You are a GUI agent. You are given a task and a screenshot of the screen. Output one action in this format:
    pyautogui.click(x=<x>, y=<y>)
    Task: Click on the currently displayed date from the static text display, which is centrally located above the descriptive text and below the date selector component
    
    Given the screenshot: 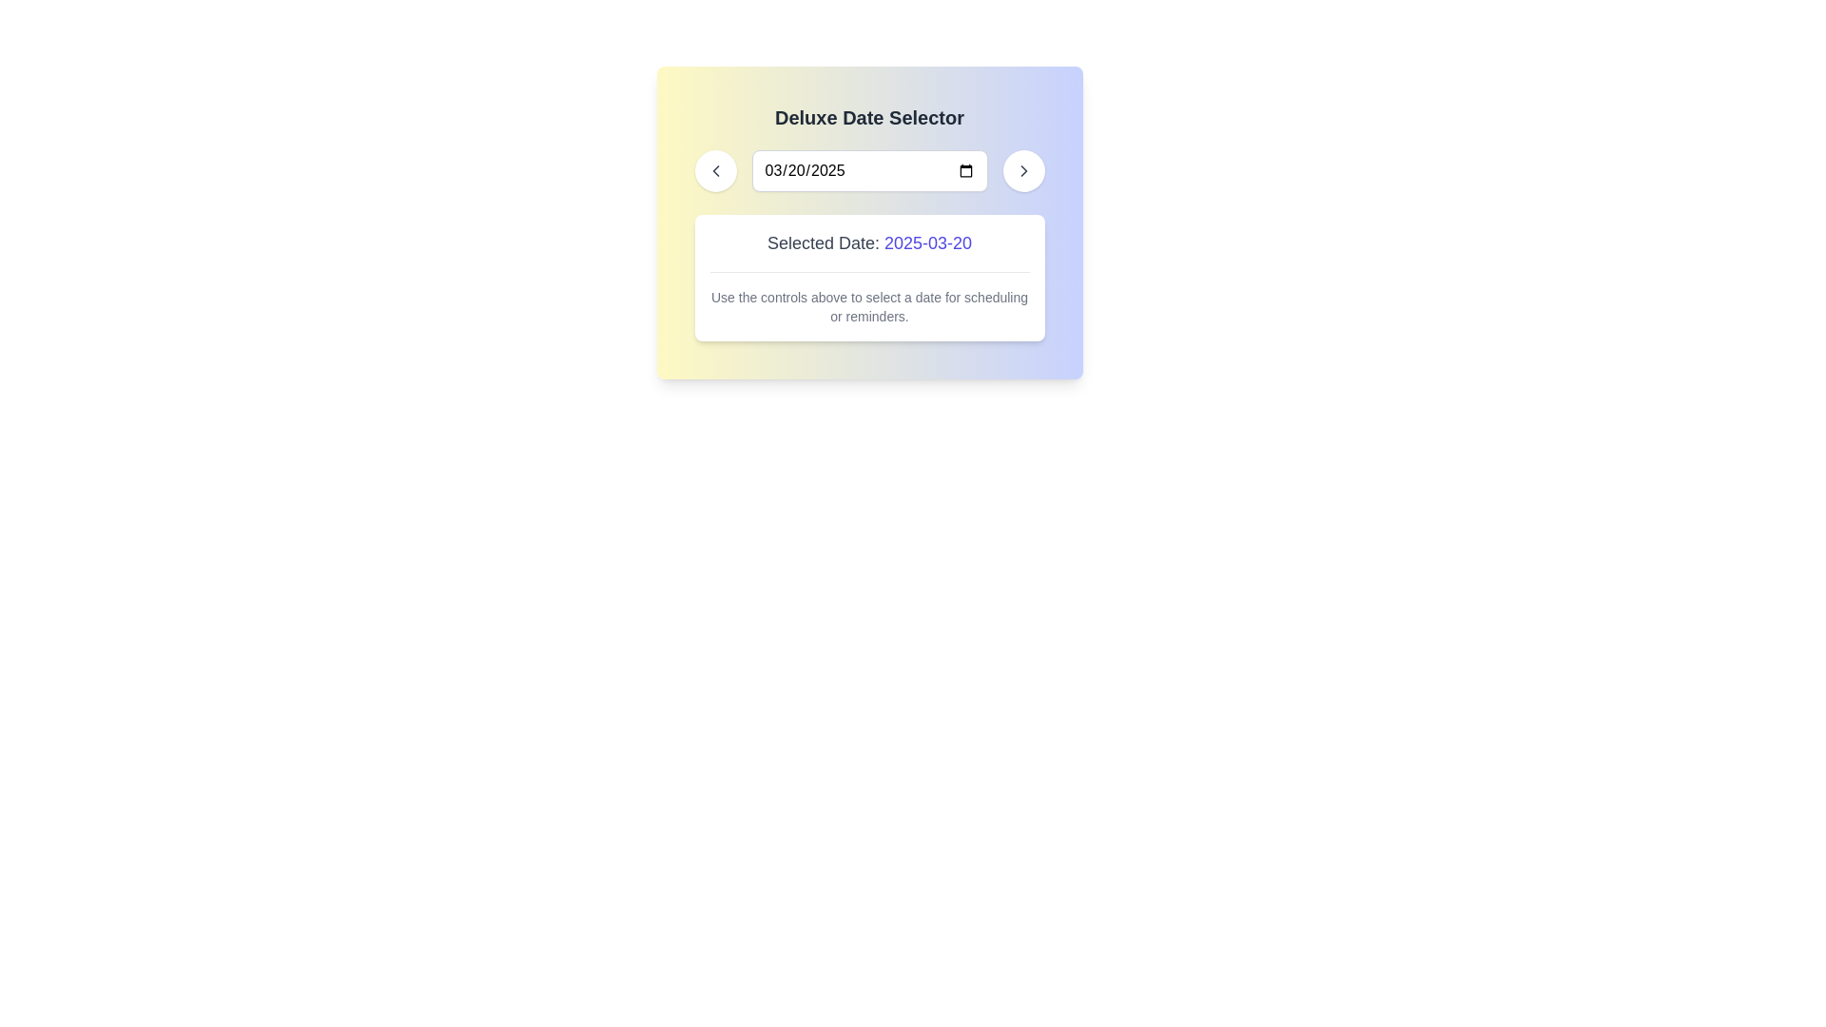 What is the action you would take?
    pyautogui.click(x=868, y=249)
    